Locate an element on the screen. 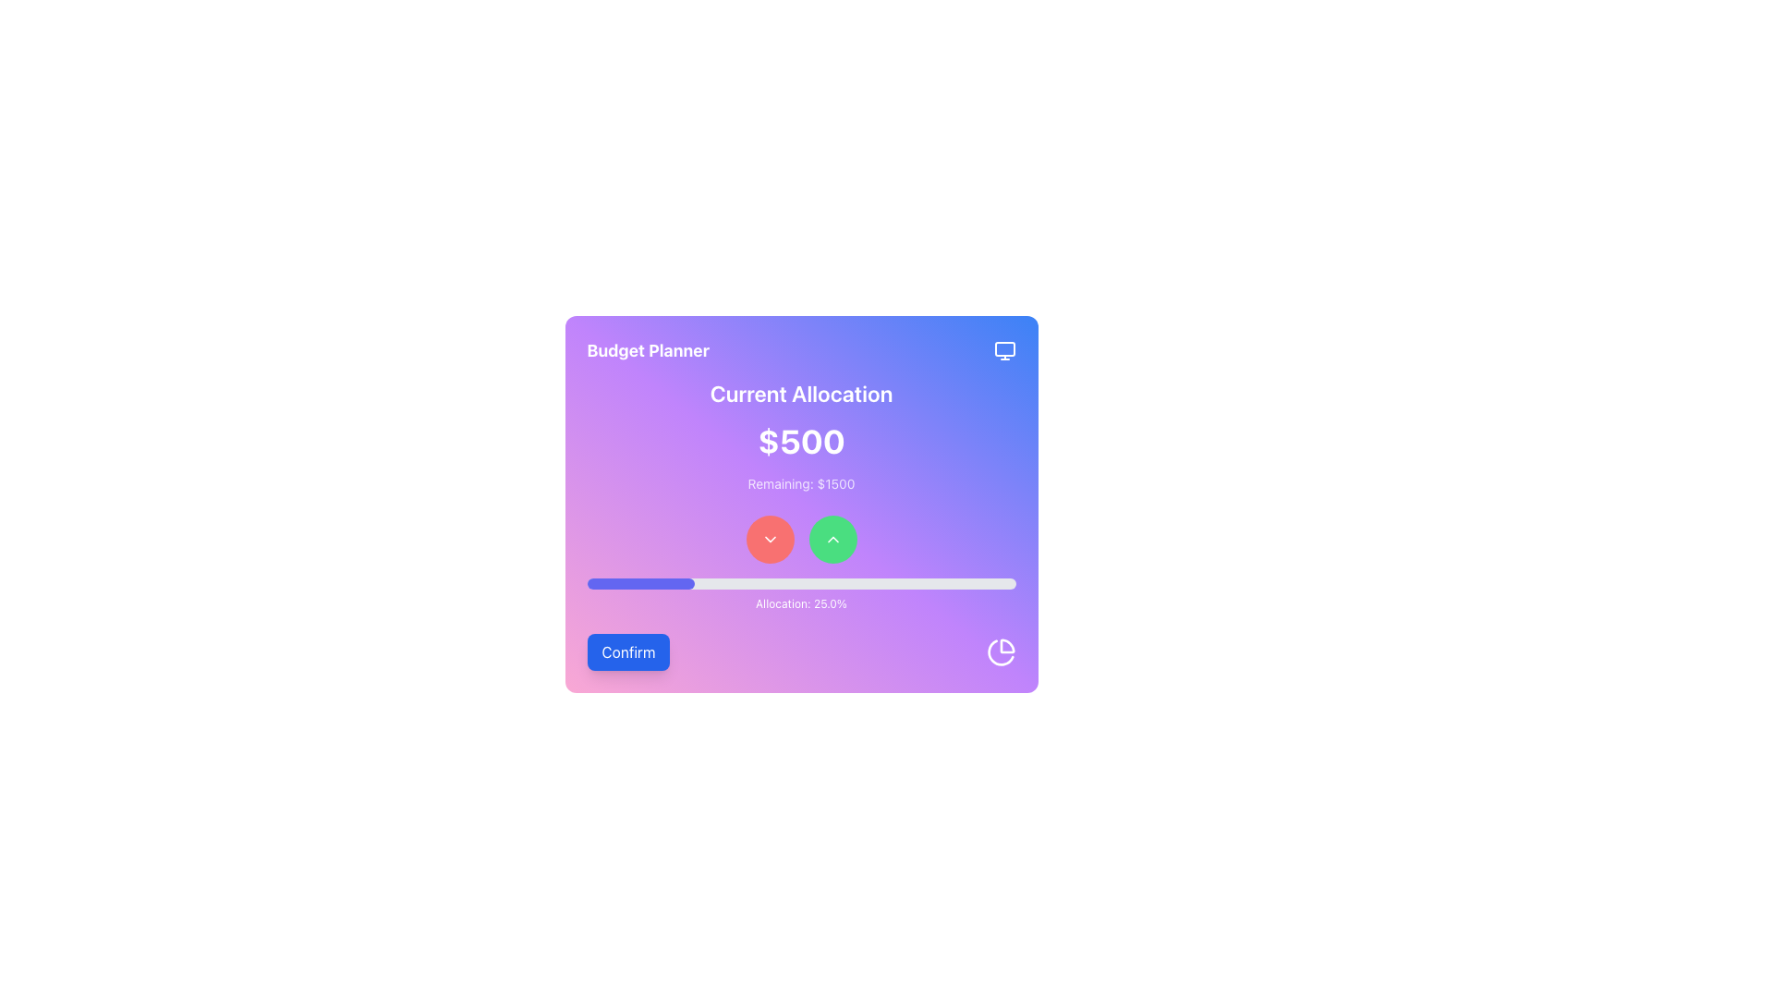  the text label that reads 'Allocation: 25.0%', positioned below the horizontal progress bar in the 'Current Allocation' section is located at coordinates (801, 604).